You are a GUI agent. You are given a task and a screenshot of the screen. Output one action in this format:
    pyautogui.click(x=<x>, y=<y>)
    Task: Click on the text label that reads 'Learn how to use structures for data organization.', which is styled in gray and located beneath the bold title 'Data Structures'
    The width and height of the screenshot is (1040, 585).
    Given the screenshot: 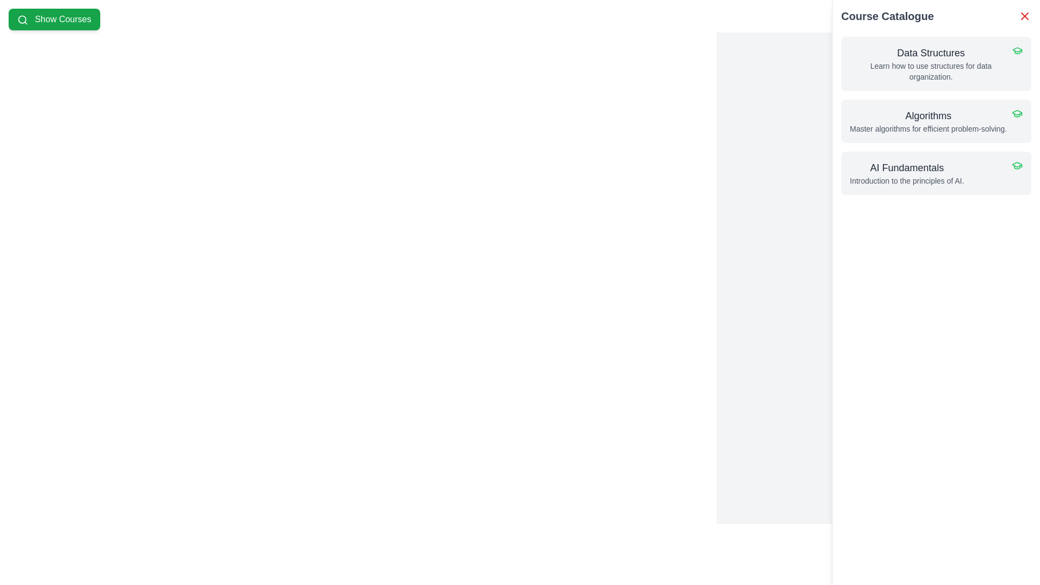 What is the action you would take?
    pyautogui.click(x=930, y=71)
    